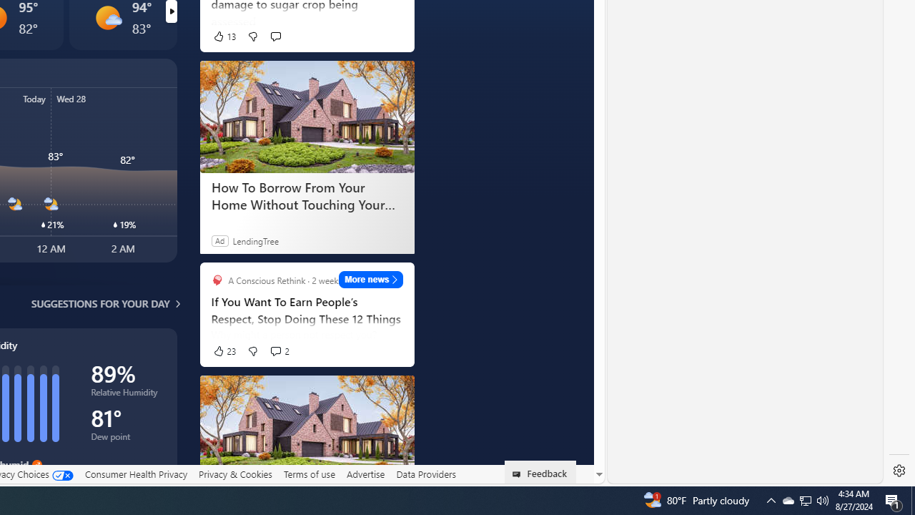  I want to click on 'Consumer Health Privacy', so click(136, 474).